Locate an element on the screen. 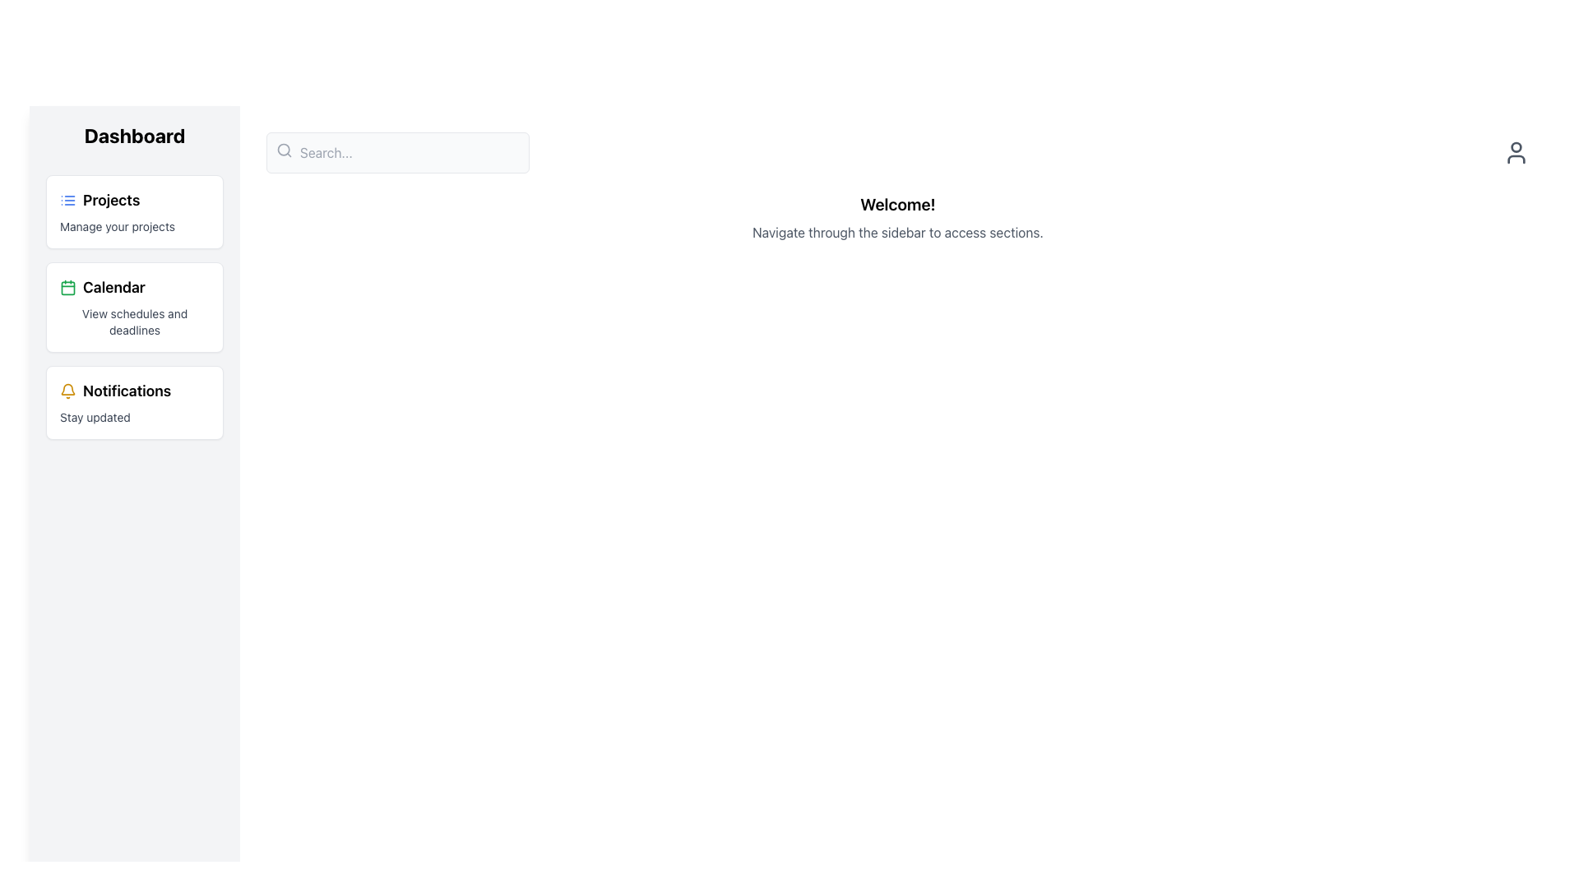 The height and width of the screenshot is (888, 1579). the 'Calendar' label in the sidebar menu is located at coordinates (113, 287).